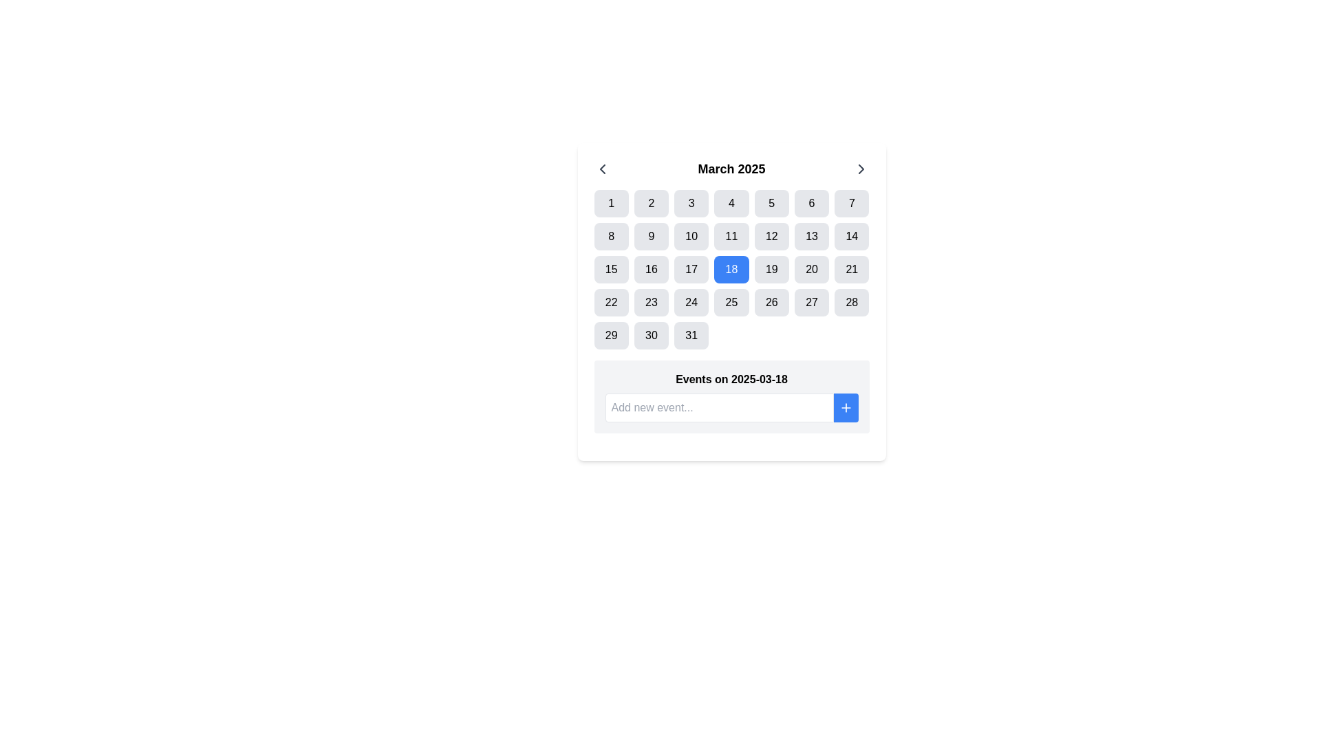  Describe the element at coordinates (851, 301) in the screenshot. I see `the light gray rounded square button labeled '28', which is the last button` at that location.